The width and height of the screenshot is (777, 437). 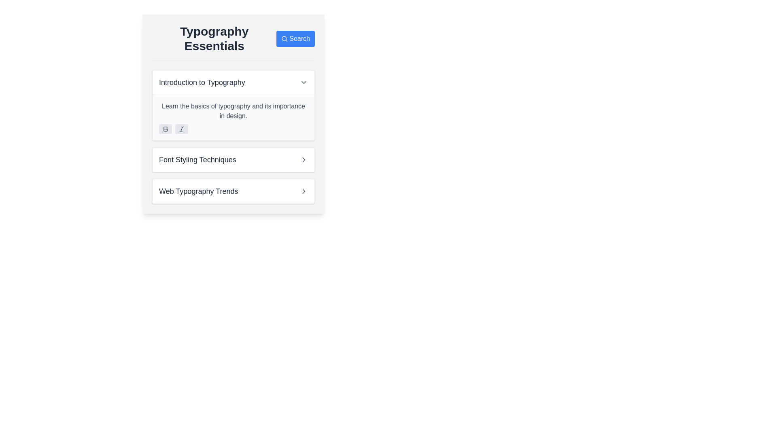 What do you see at coordinates (284, 39) in the screenshot?
I see `the search icon located within the blue button labeled 'Search' to initiate a search action` at bounding box center [284, 39].